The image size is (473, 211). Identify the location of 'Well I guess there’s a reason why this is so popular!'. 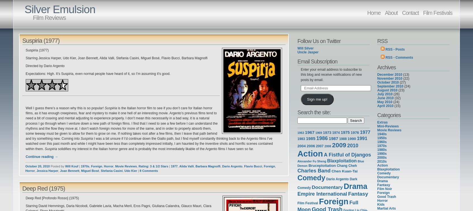
(65, 108).